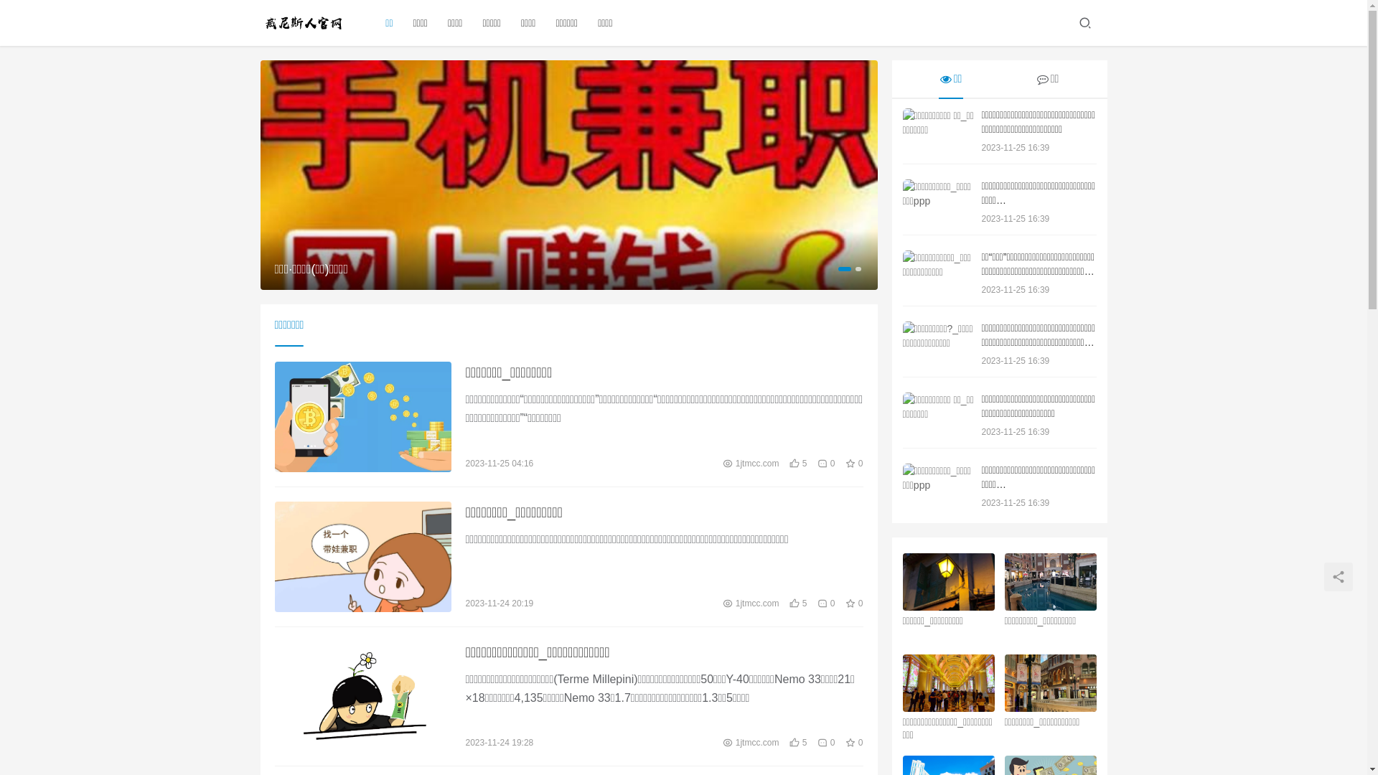 This screenshot has height=775, width=1378. I want to click on '0', so click(826, 603).